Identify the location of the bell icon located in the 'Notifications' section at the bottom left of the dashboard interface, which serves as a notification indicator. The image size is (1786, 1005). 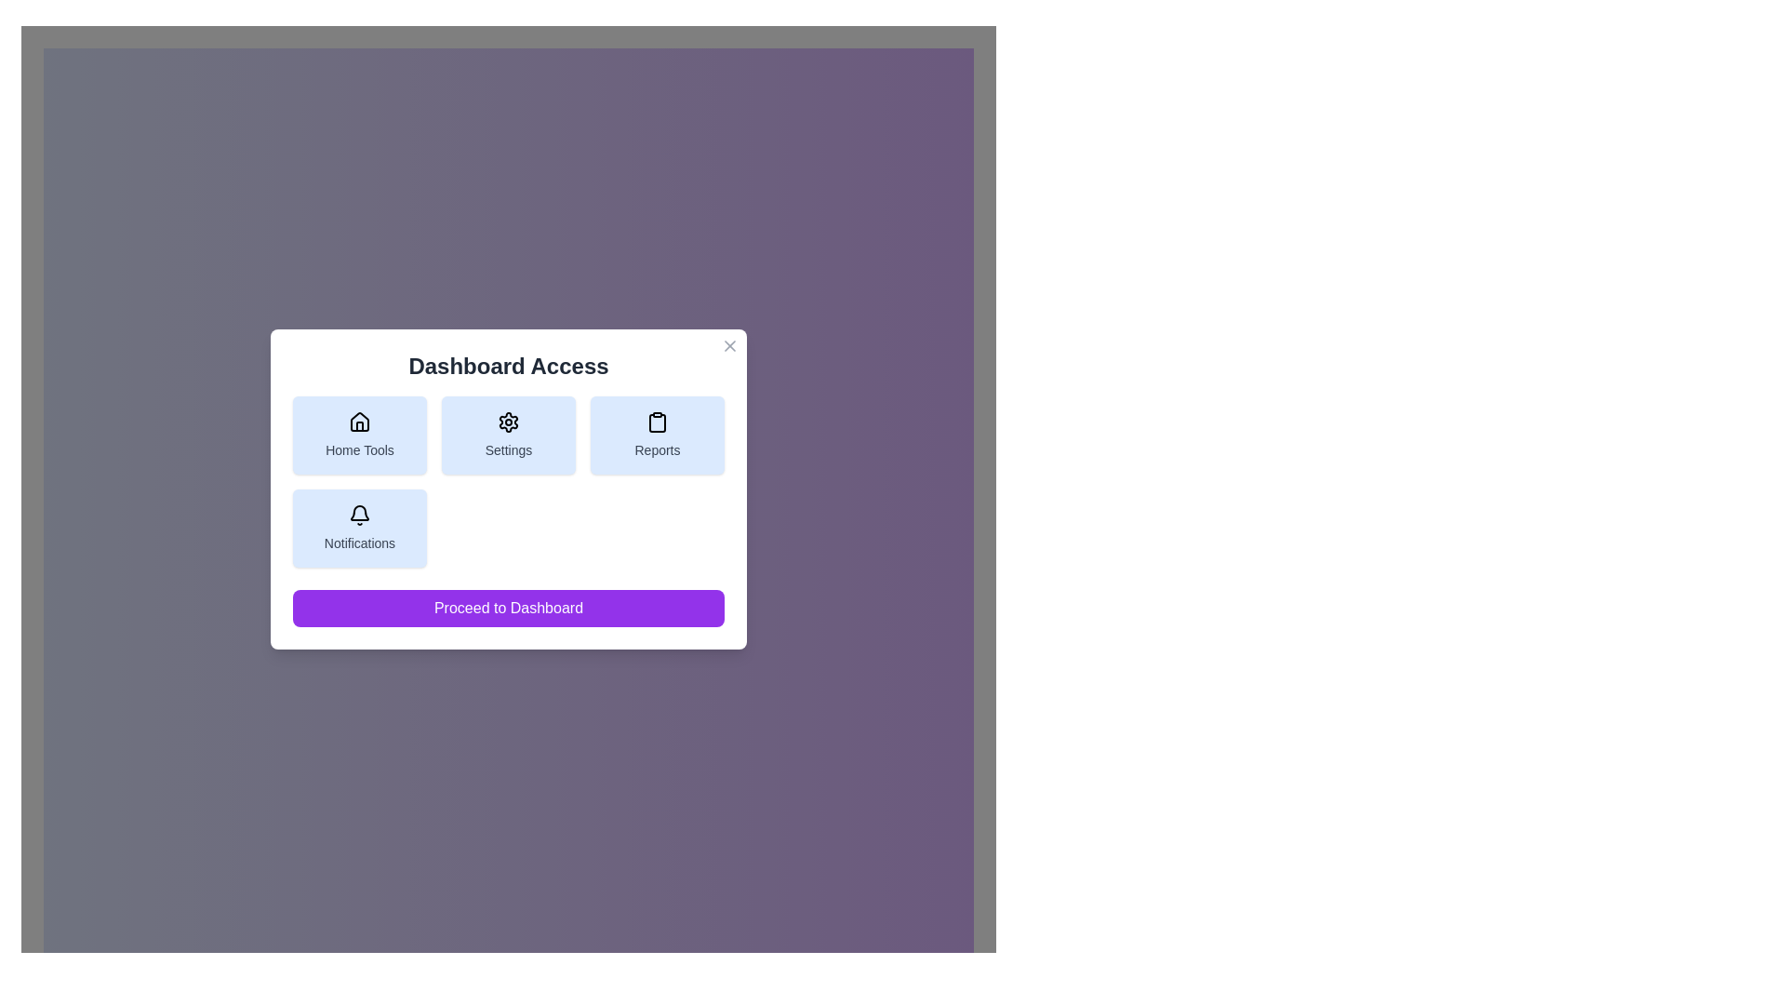
(360, 516).